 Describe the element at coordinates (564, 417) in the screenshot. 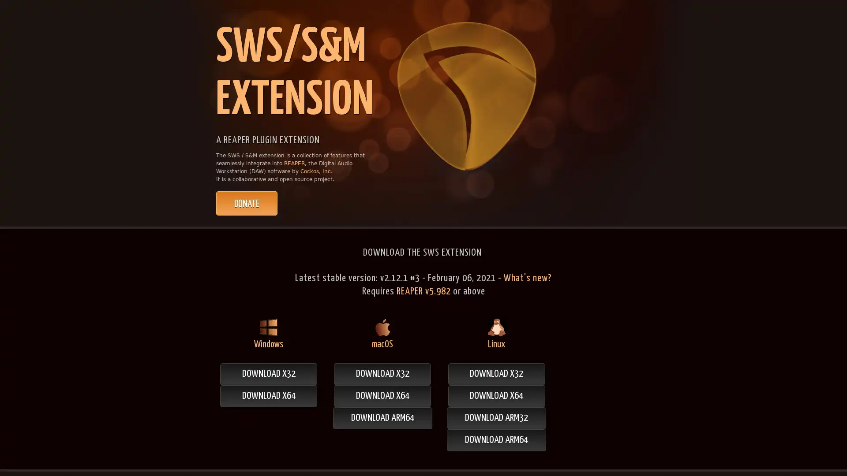

I see `DOWNLOAD ARM32` at that location.